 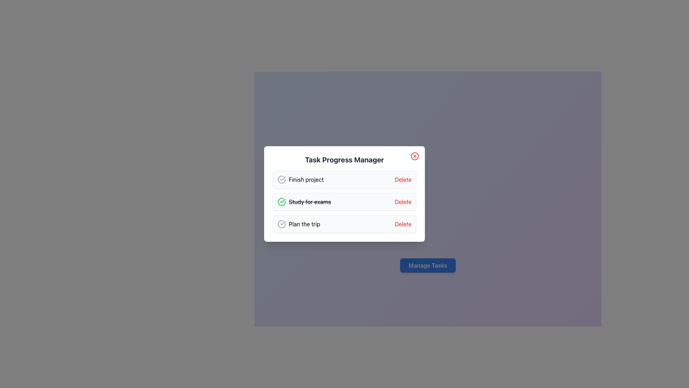 What do you see at coordinates (299, 224) in the screenshot?
I see `the task entry labeled 'Plan the trip' in the task management interface, which is the third entry in the list` at bounding box center [299, 224].